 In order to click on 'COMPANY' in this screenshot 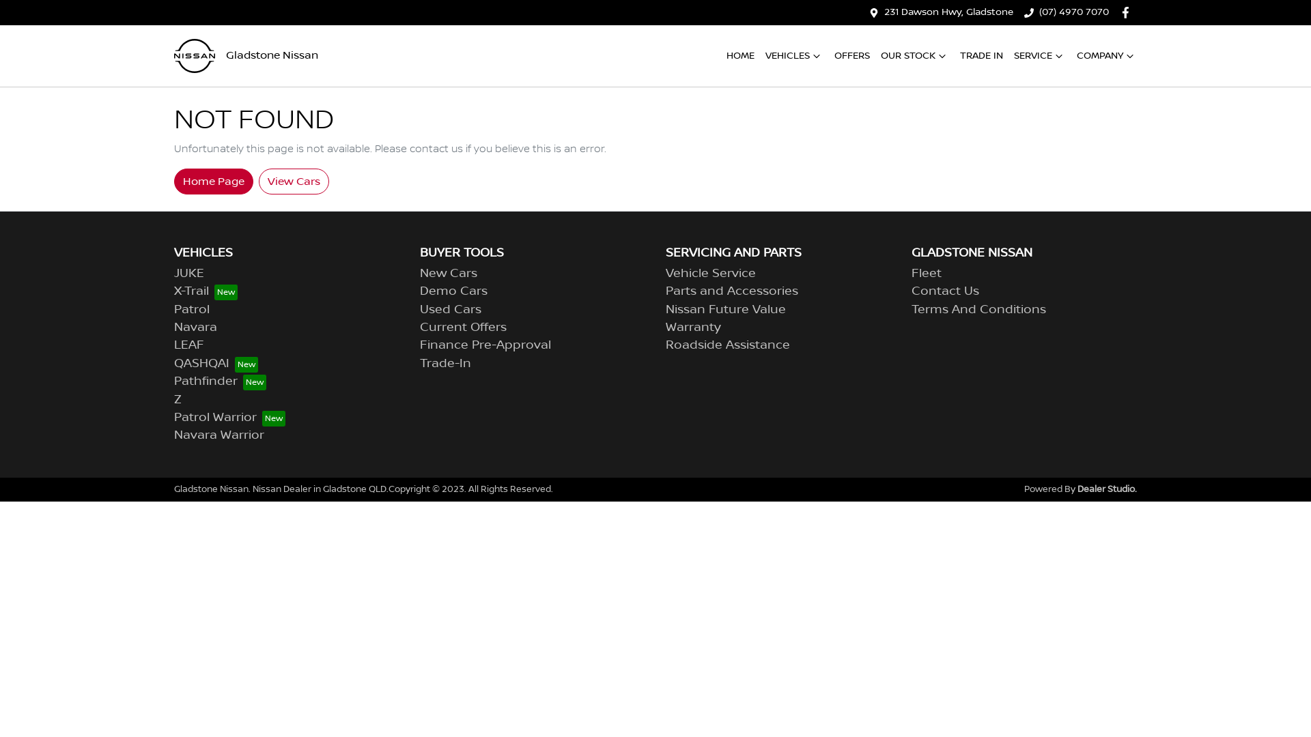, I will do `click(1107, 55)`.